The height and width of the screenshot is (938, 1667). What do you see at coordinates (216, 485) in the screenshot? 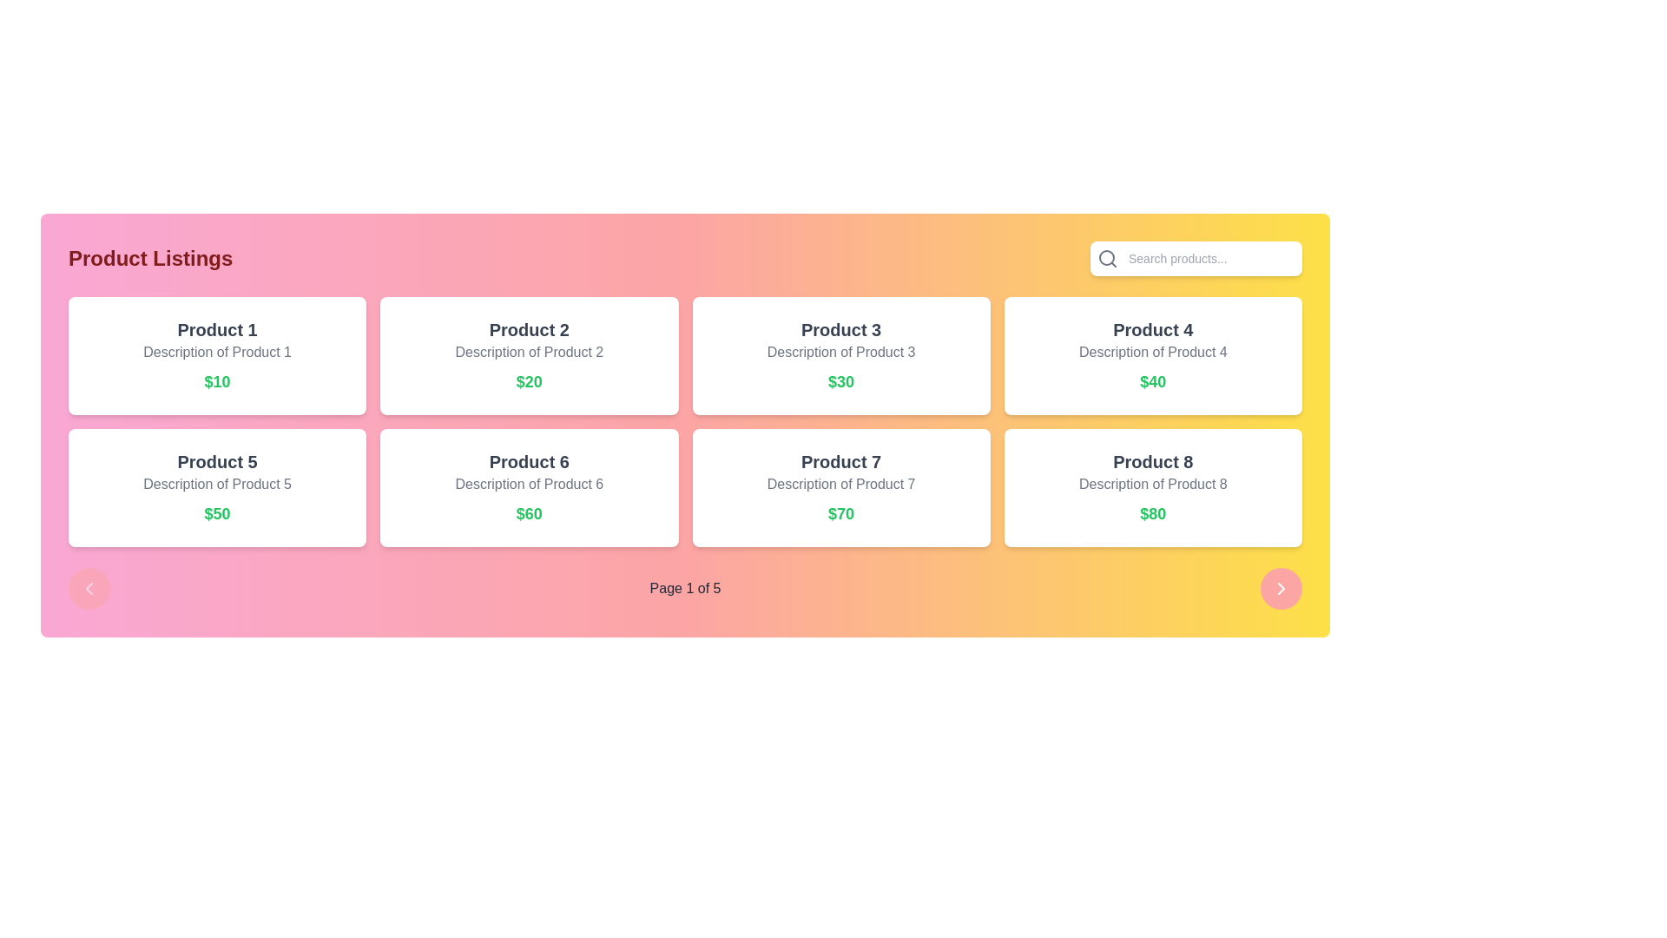
I see `the text label displaying 'Description of Product 5', which is located below the title 'Product 5' in the product listing grid` at bounding box center [216, 485].